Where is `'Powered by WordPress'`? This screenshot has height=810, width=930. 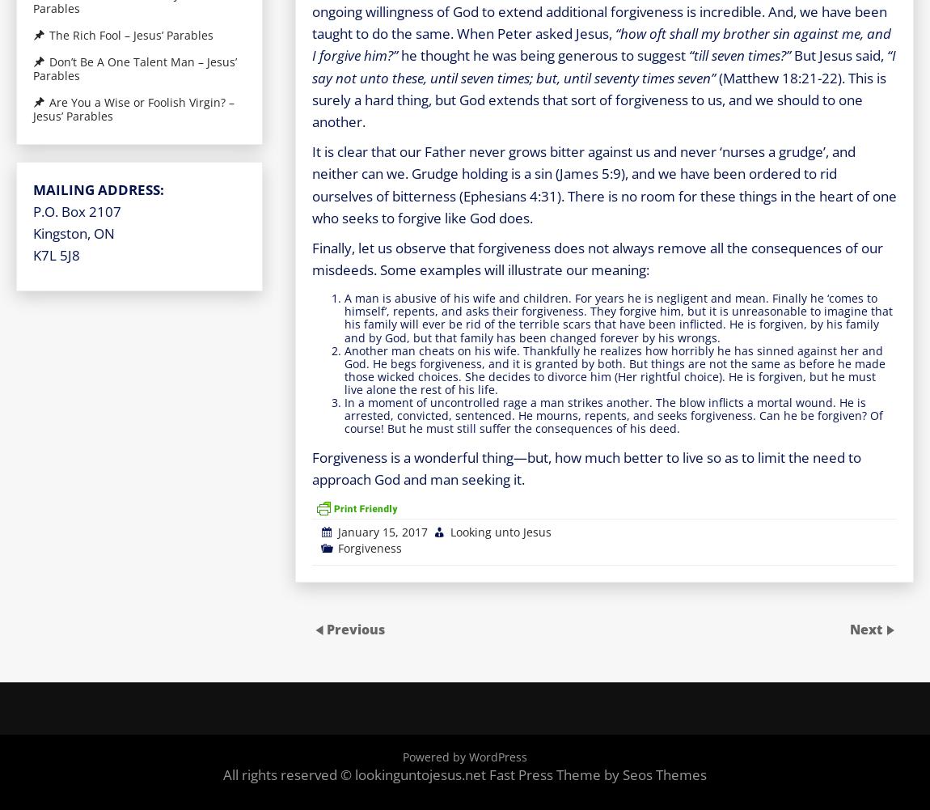
'Powered by WordPress' is located at coordinates (402, 755).